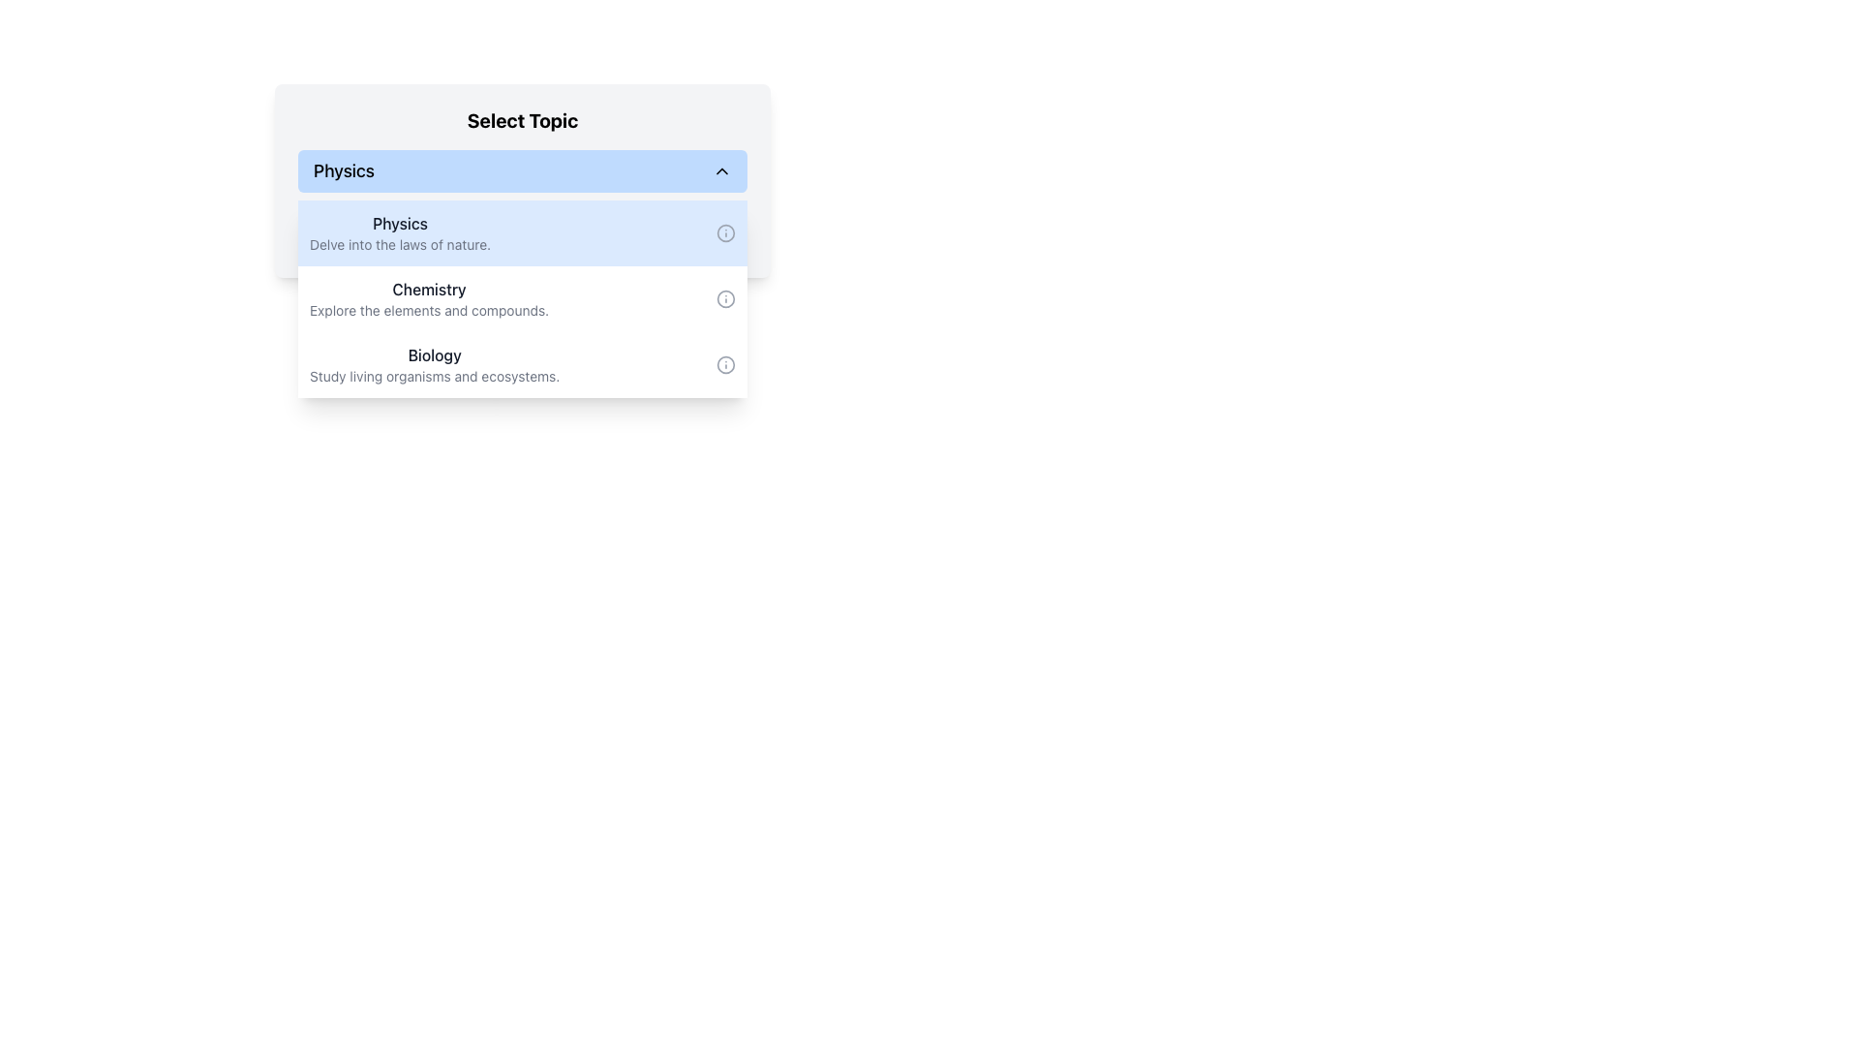  I want to click on the circular icon with a thin border and a centered dot symbol located to the far-right of the 'Chemistry' topic row, adjacent to the text 'Explore the elements and compounds.', so click(724, 298).